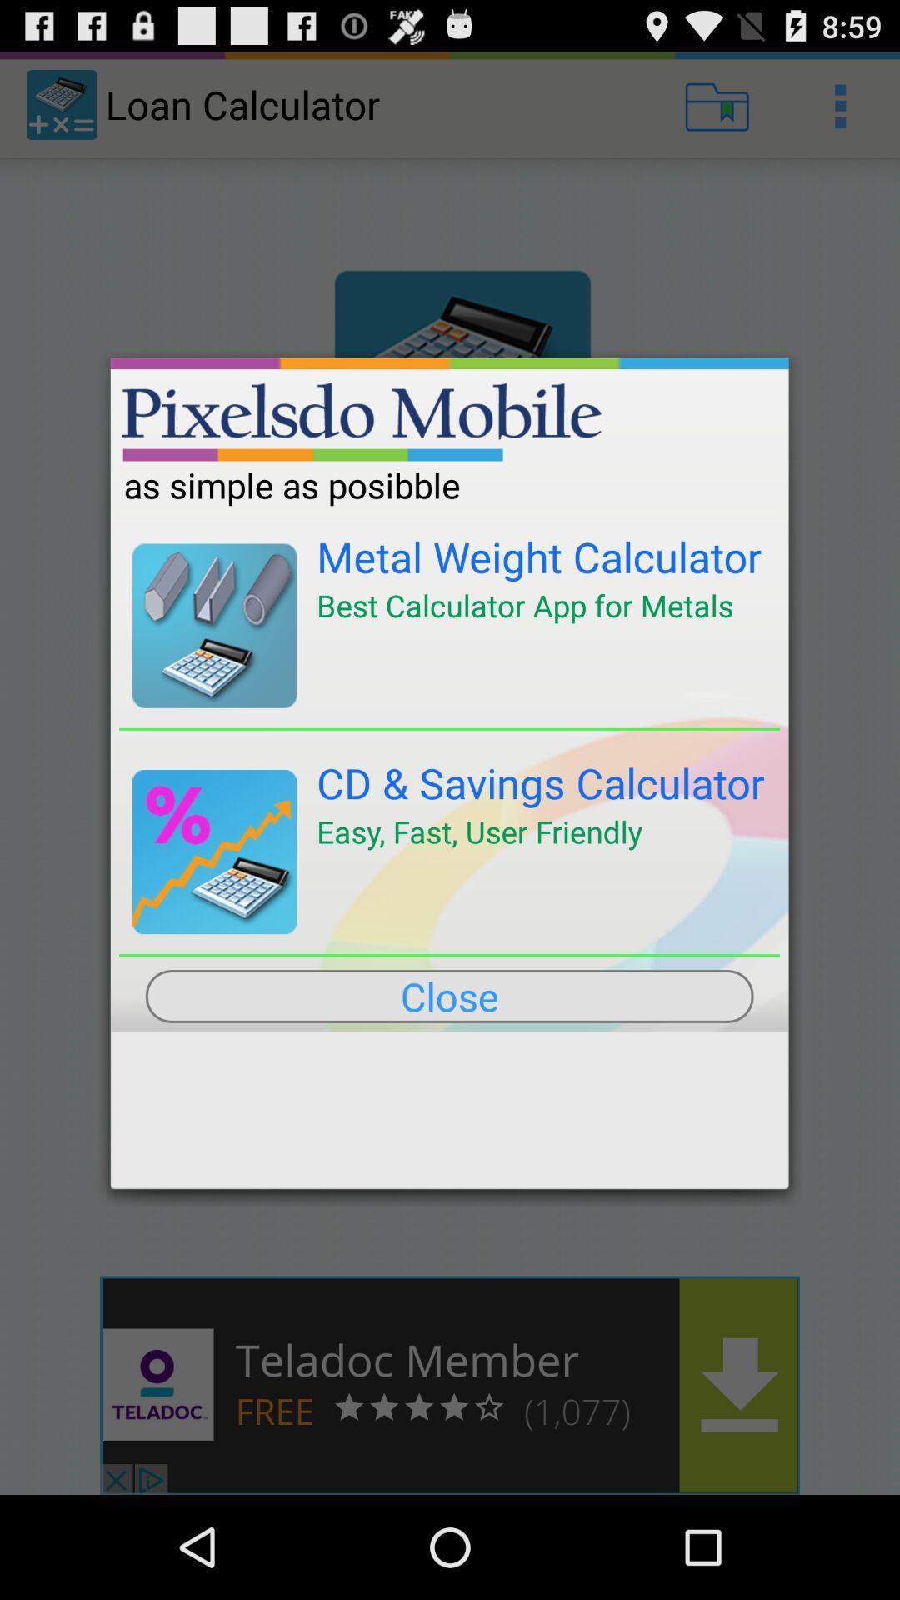  Describe the element at coordinates (479, 832) in the screenshot. I see `icon below cd & savings calculator icon` at that location.